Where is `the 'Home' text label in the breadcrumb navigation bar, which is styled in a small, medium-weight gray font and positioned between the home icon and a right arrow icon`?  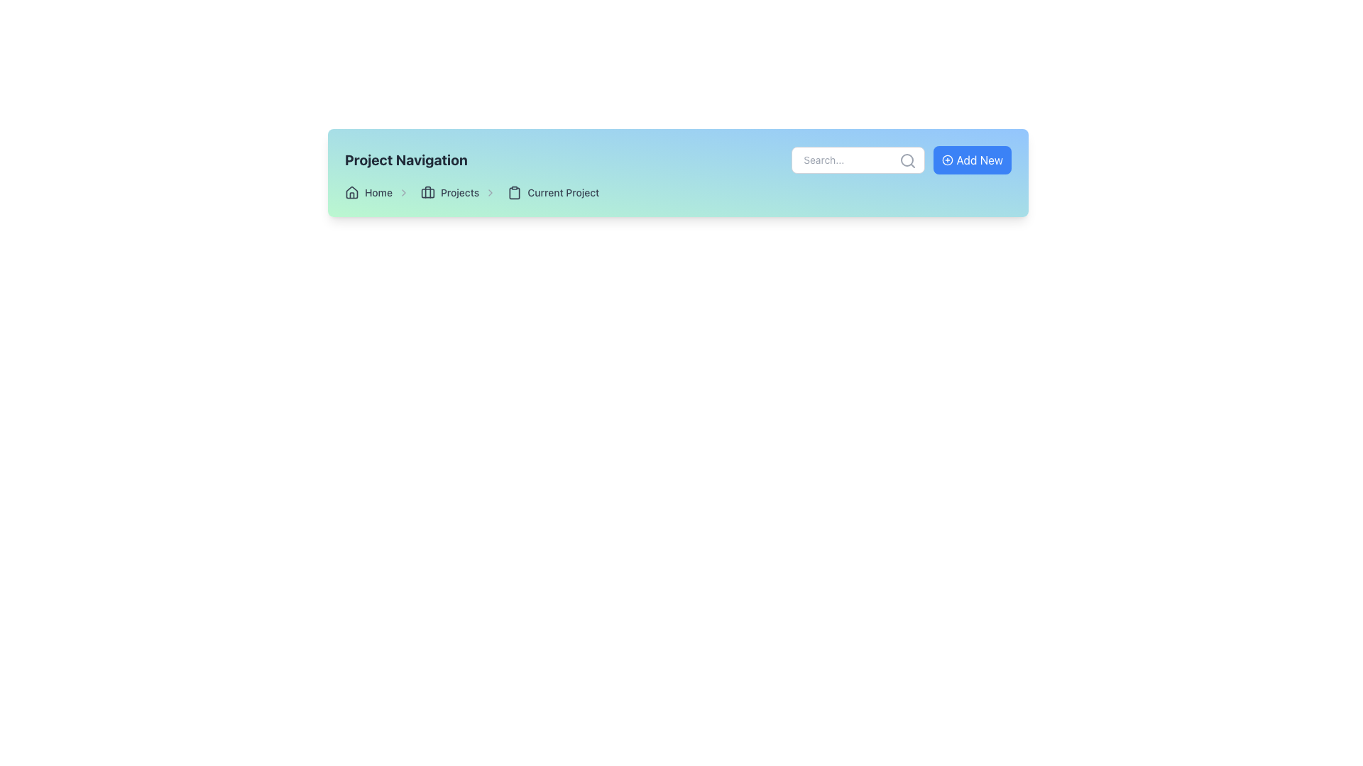 the 'Home' text label in the breadcrumb navigation bar, which is styled in a small, medium-weight gray font and positioned between the home icon and a right arrow icon is located at coordinates (378, 193).